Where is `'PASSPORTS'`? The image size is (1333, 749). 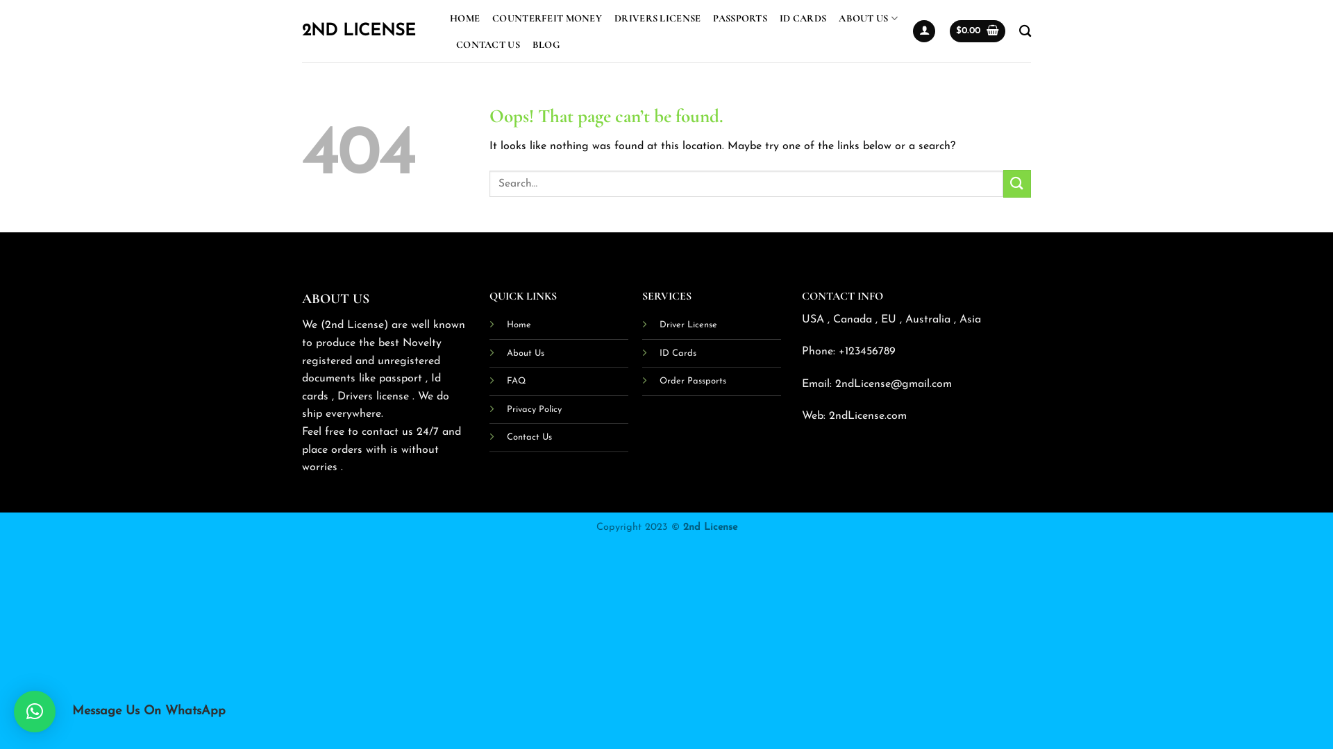 'PASSPORTS' is located at coordinates (739, 19).